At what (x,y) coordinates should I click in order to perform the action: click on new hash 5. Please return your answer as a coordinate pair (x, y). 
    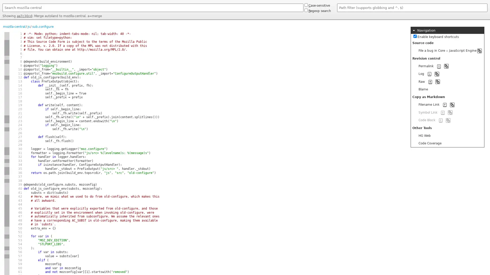
    Looking at the image, I should click on (7, 185).